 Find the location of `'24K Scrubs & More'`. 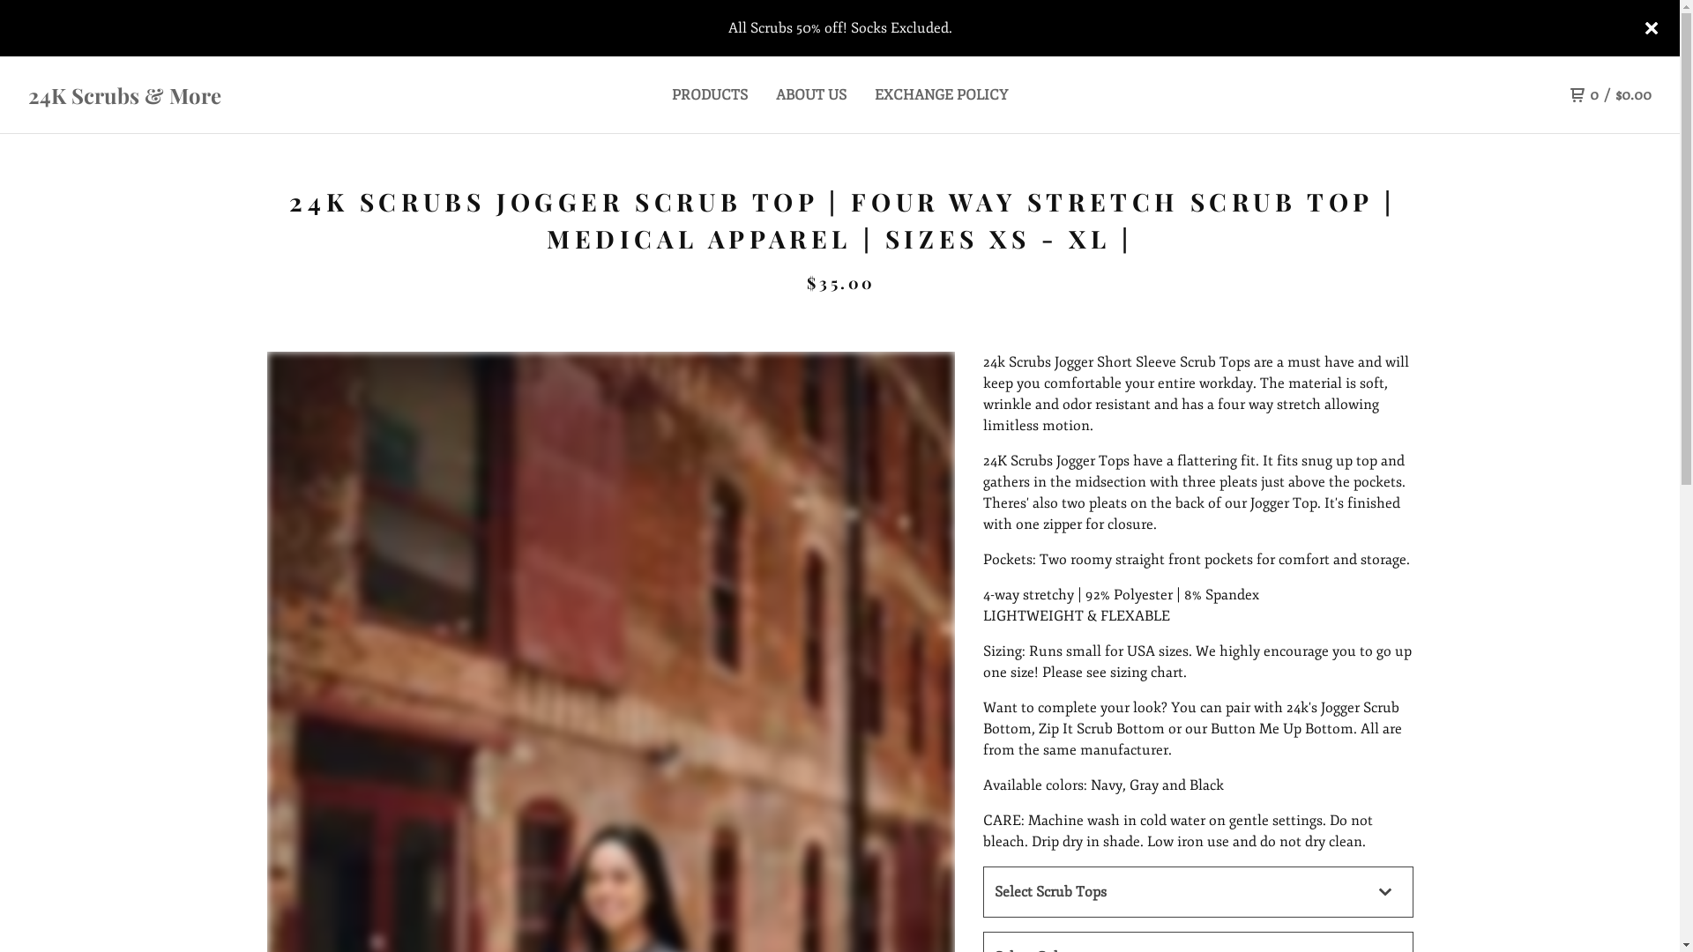

'24K Scrubs & More' is located at coordinates (230, 95).